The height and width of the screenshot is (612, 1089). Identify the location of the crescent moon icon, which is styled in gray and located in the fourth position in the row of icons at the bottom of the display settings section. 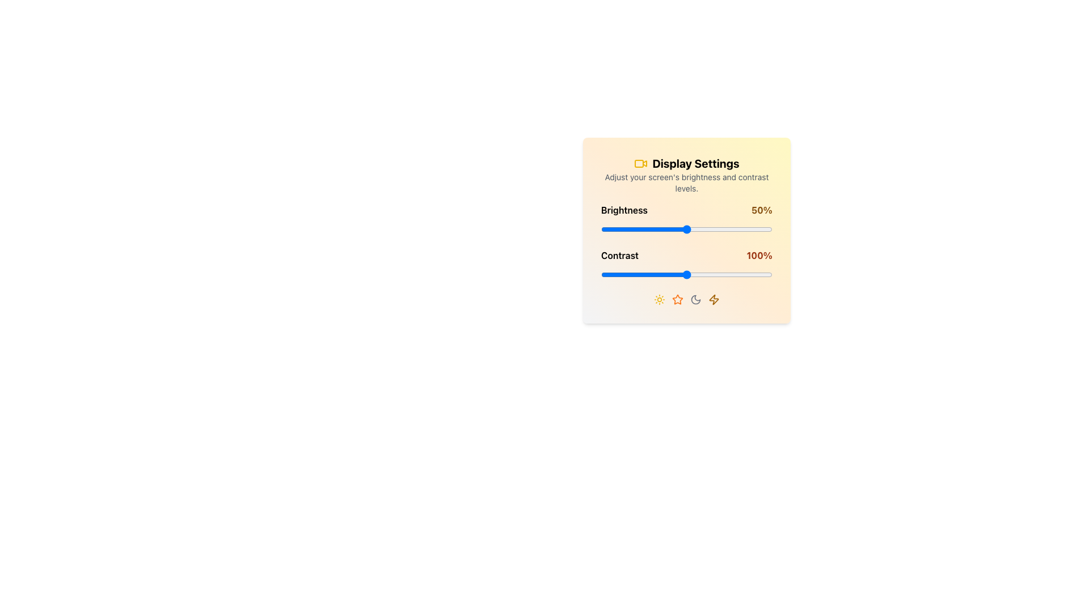
(695, 299).